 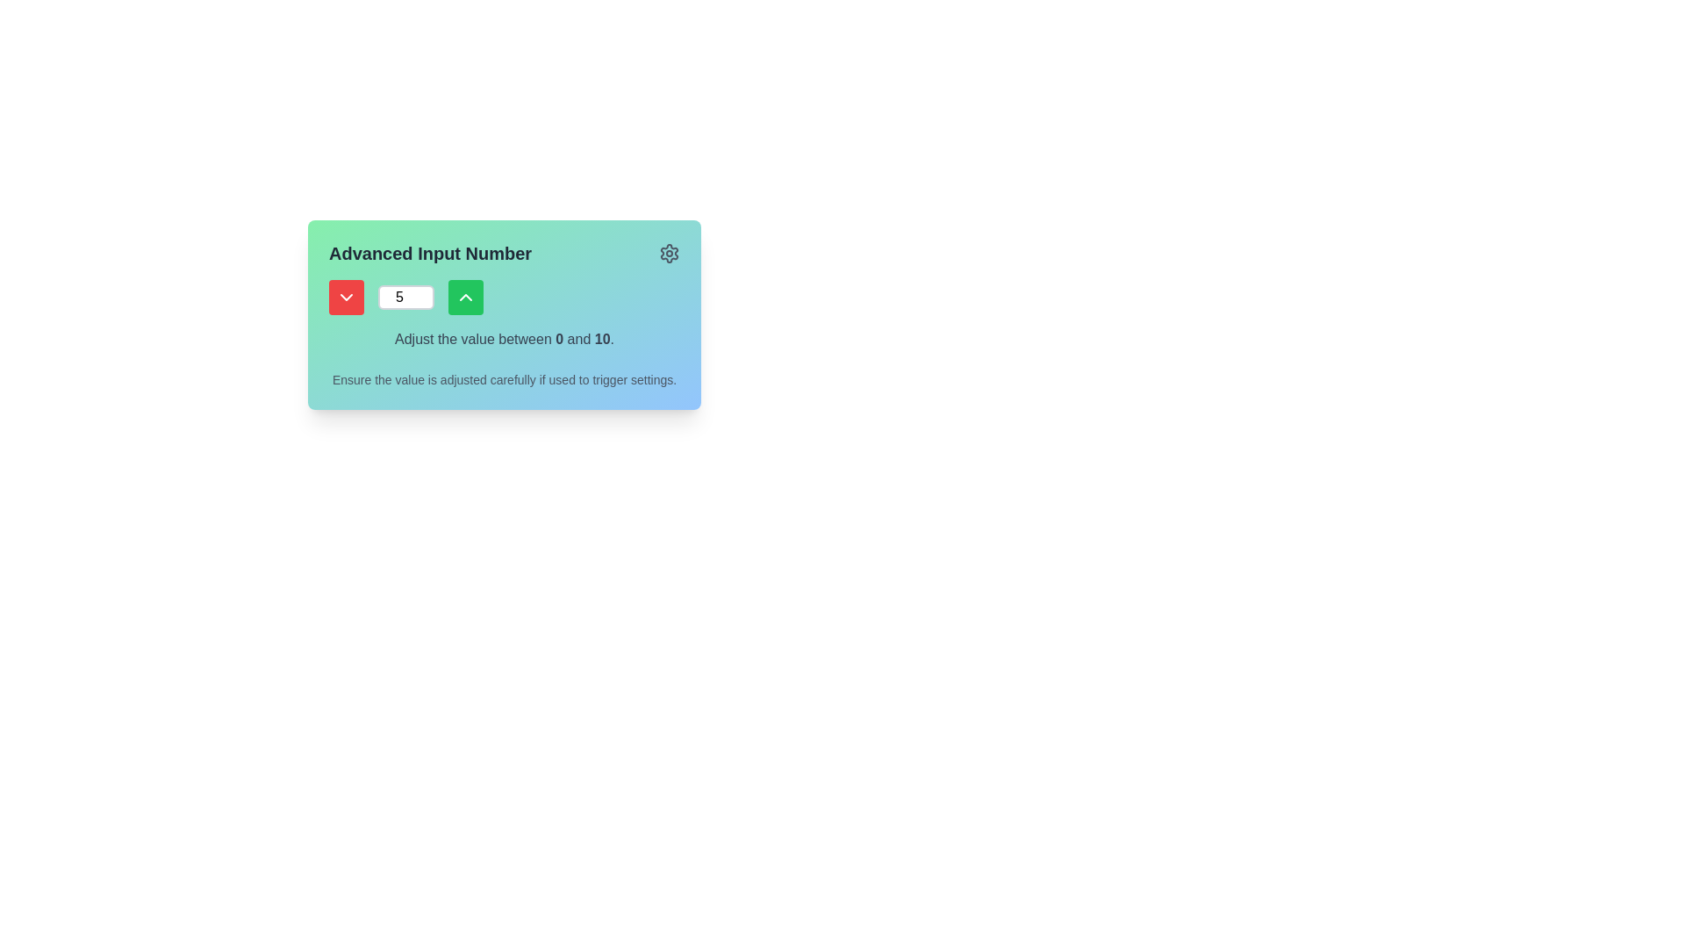 What do you see at coordinates (602, 339) in the screenshot?
I see `the Static Text that displays the maximum value of '10' in the prompt for adjusting a value between 0 and 10` at bounding box center [602, 339].